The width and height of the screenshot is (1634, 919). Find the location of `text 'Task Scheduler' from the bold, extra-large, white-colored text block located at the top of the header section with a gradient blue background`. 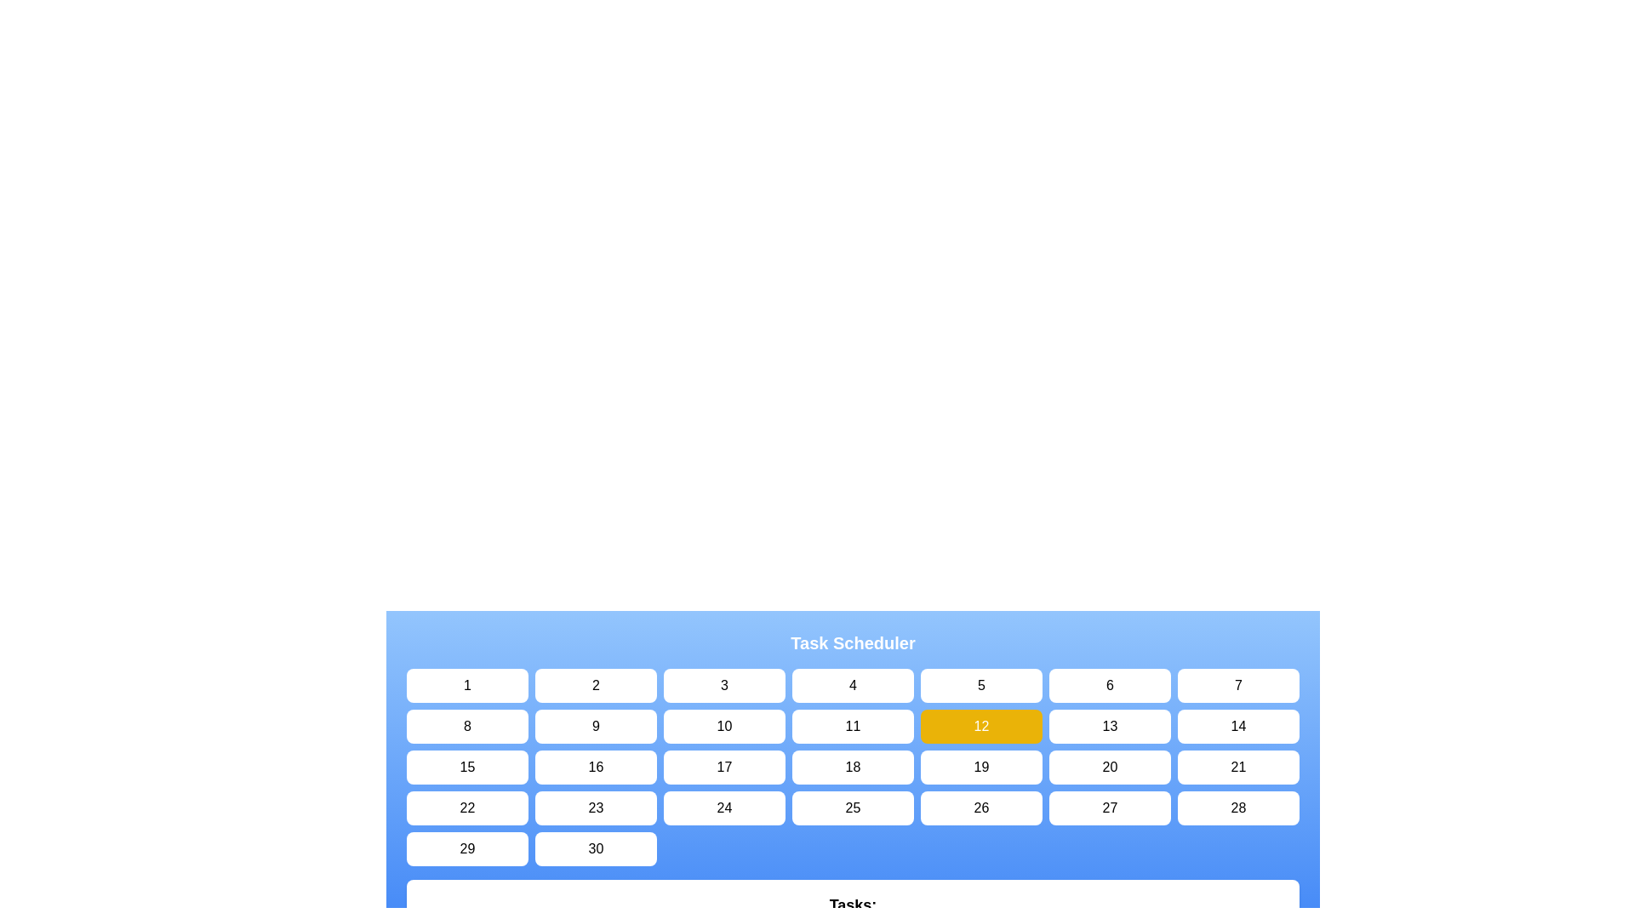

text 'Task Scheduler' from the bold, extra-large, white-colored text block located at the top of the header section with a gradient blue background is located at coordinates (853, 643).